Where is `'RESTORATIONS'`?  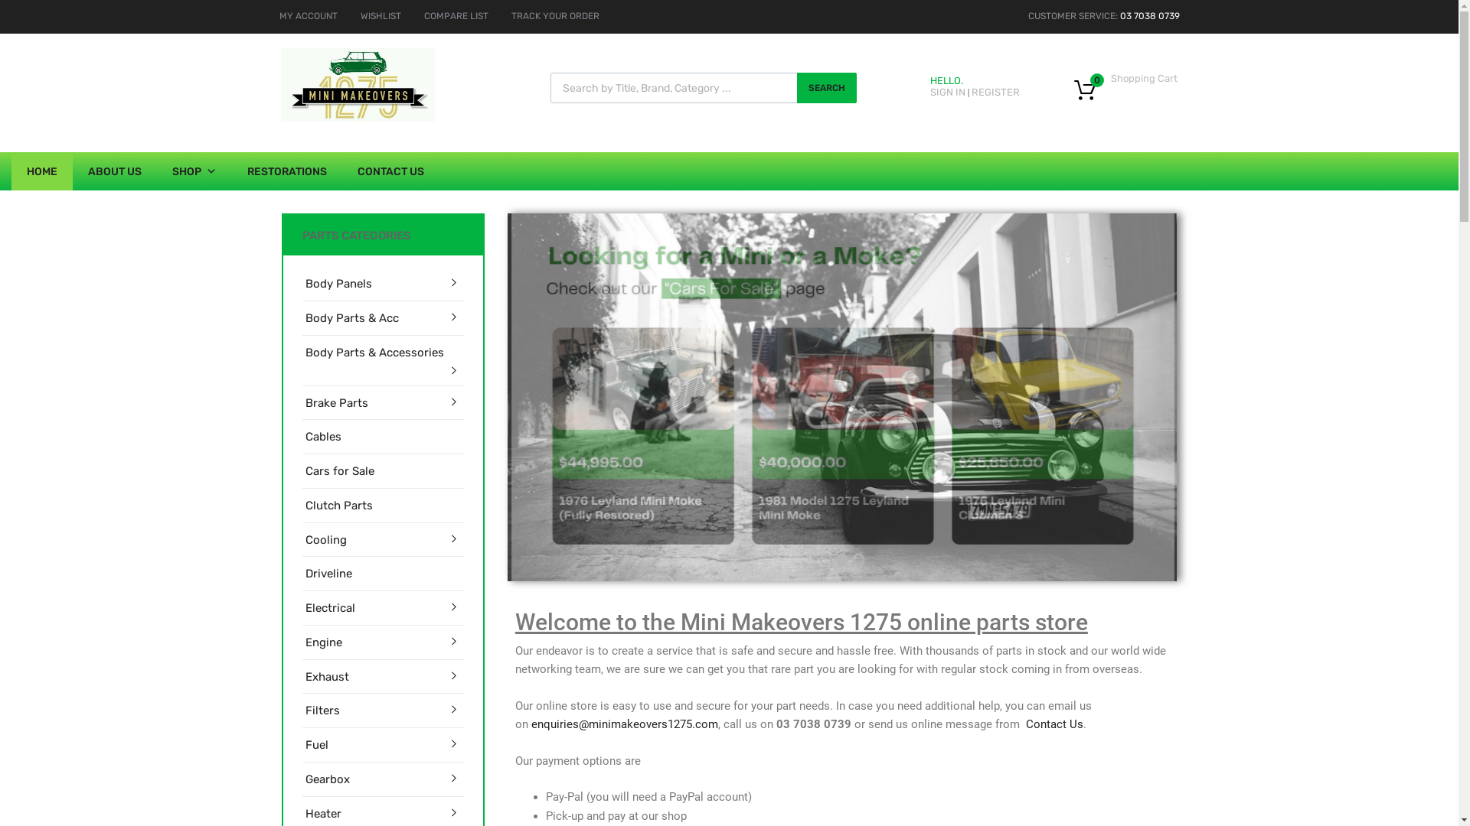 'RESTORATIONS' is located at coordinates (286, 171).